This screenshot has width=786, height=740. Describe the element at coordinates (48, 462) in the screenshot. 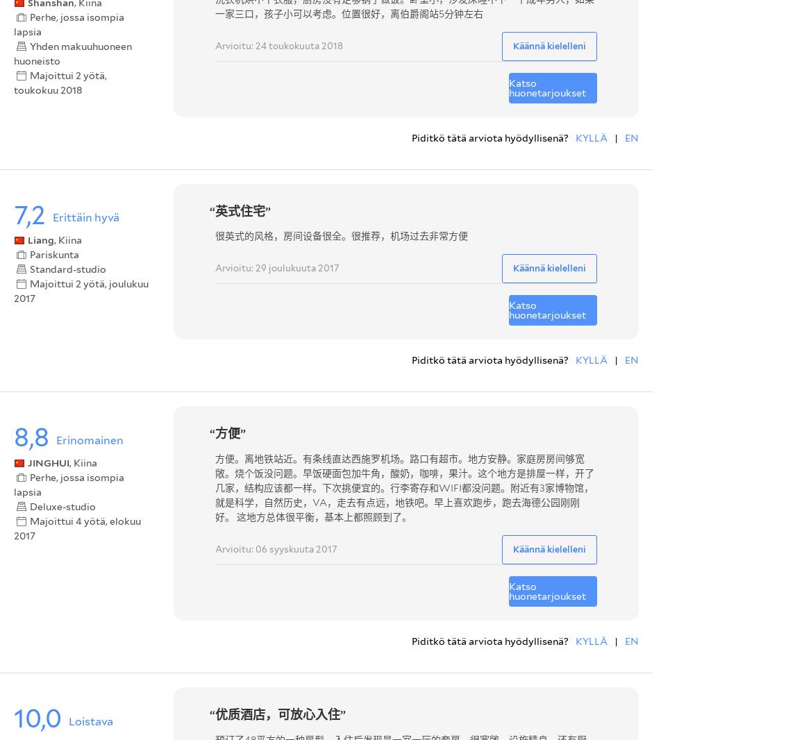

I see `'JINGHUI'` at that location.